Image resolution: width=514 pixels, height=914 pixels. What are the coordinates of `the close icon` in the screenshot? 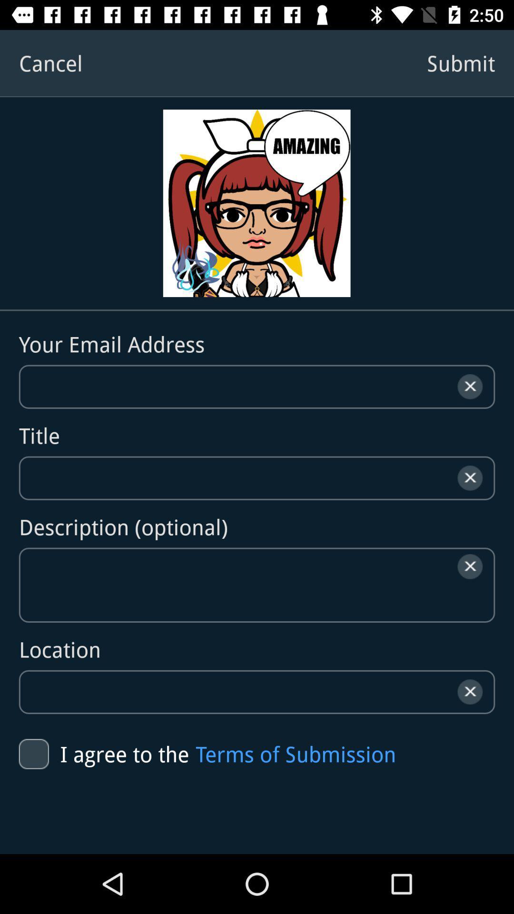 It's located at (469, 692).